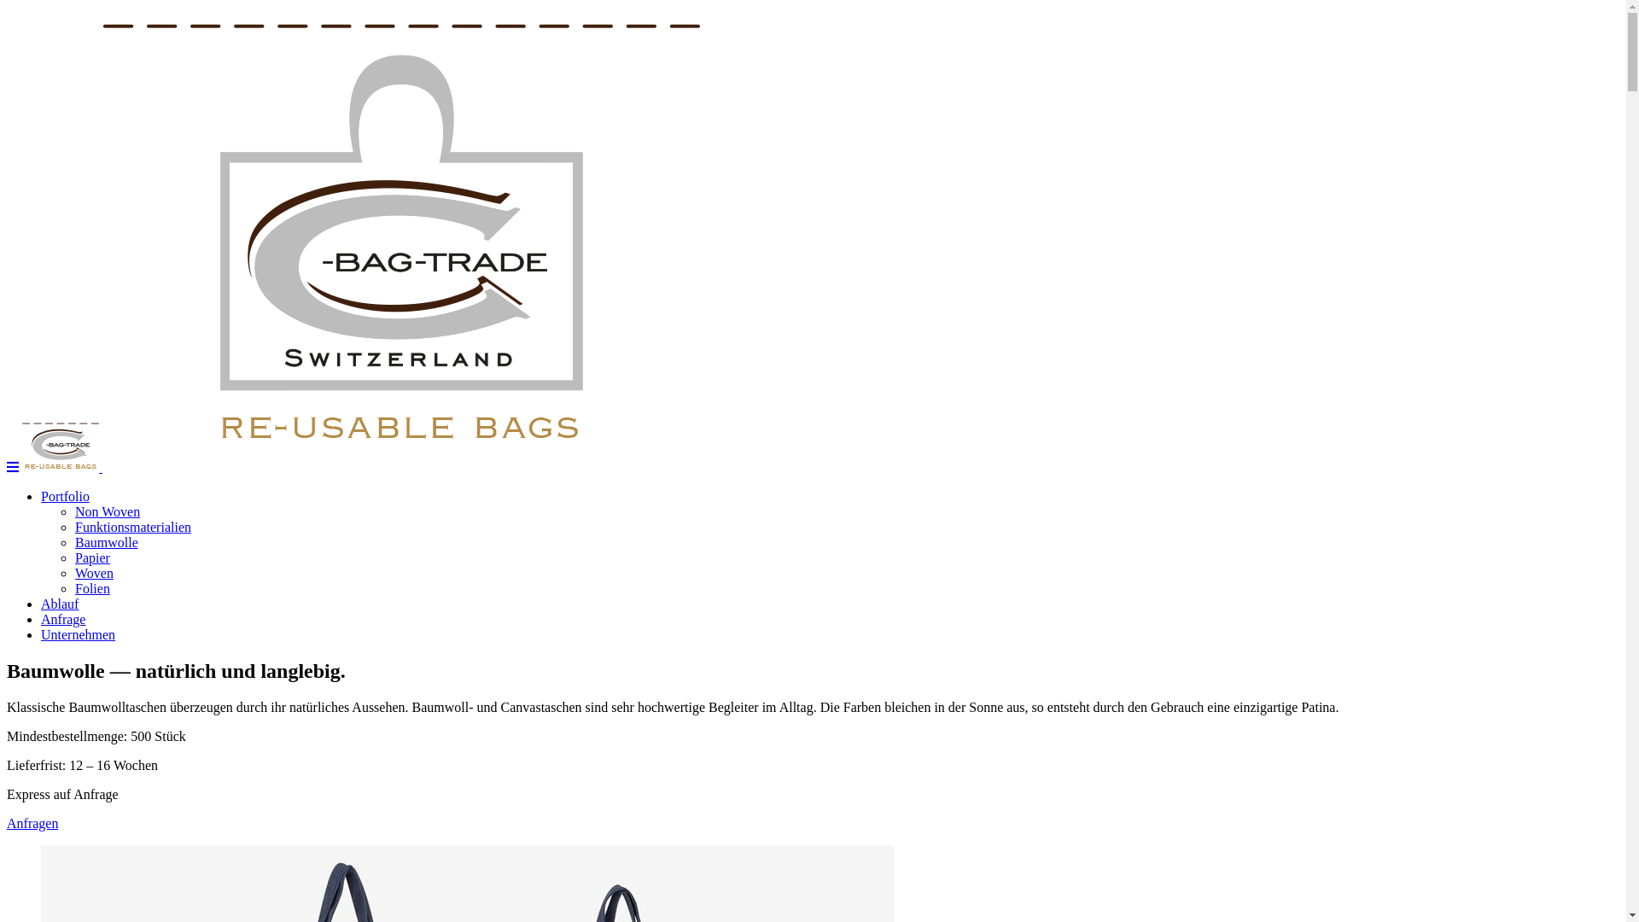 Image resolution: width=1639 pixels, height=922 pixels. Describe the element at coordinates (32, 822) in the screenshot. I see `'Anfragen'` at that location.